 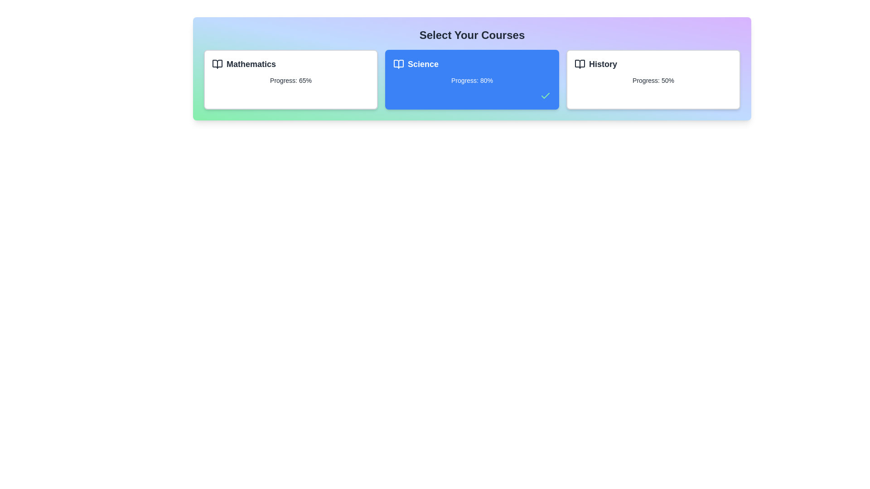 I want to click on the course title History to highlight it, so click(x=653, y=64).